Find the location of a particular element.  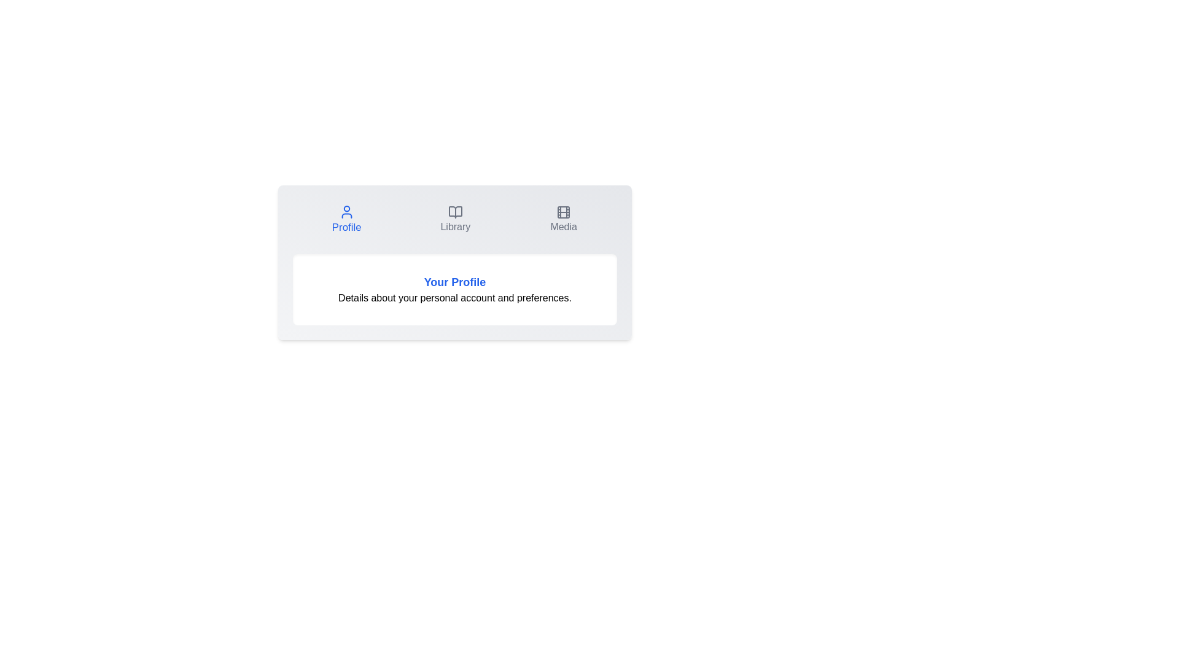

the Profile tab to view its content is located at coordinates (346, 219).